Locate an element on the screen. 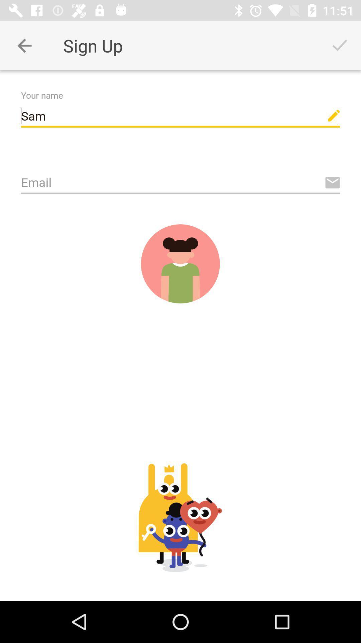  go back is located at coordinates (24, 45).